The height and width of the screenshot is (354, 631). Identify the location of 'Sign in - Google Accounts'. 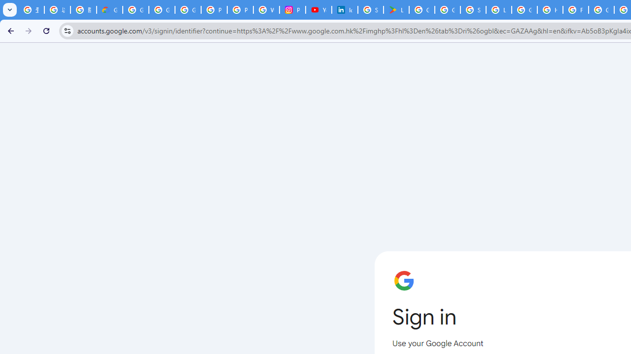
(473, 10).